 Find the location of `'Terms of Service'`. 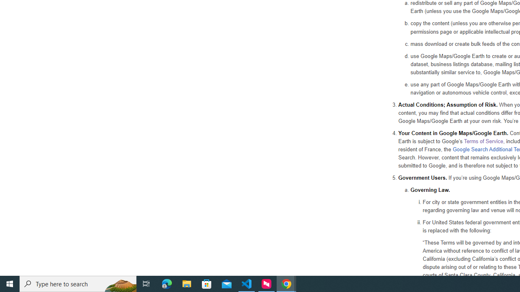

'Terms of Service' is located at coordinates (483, 140).